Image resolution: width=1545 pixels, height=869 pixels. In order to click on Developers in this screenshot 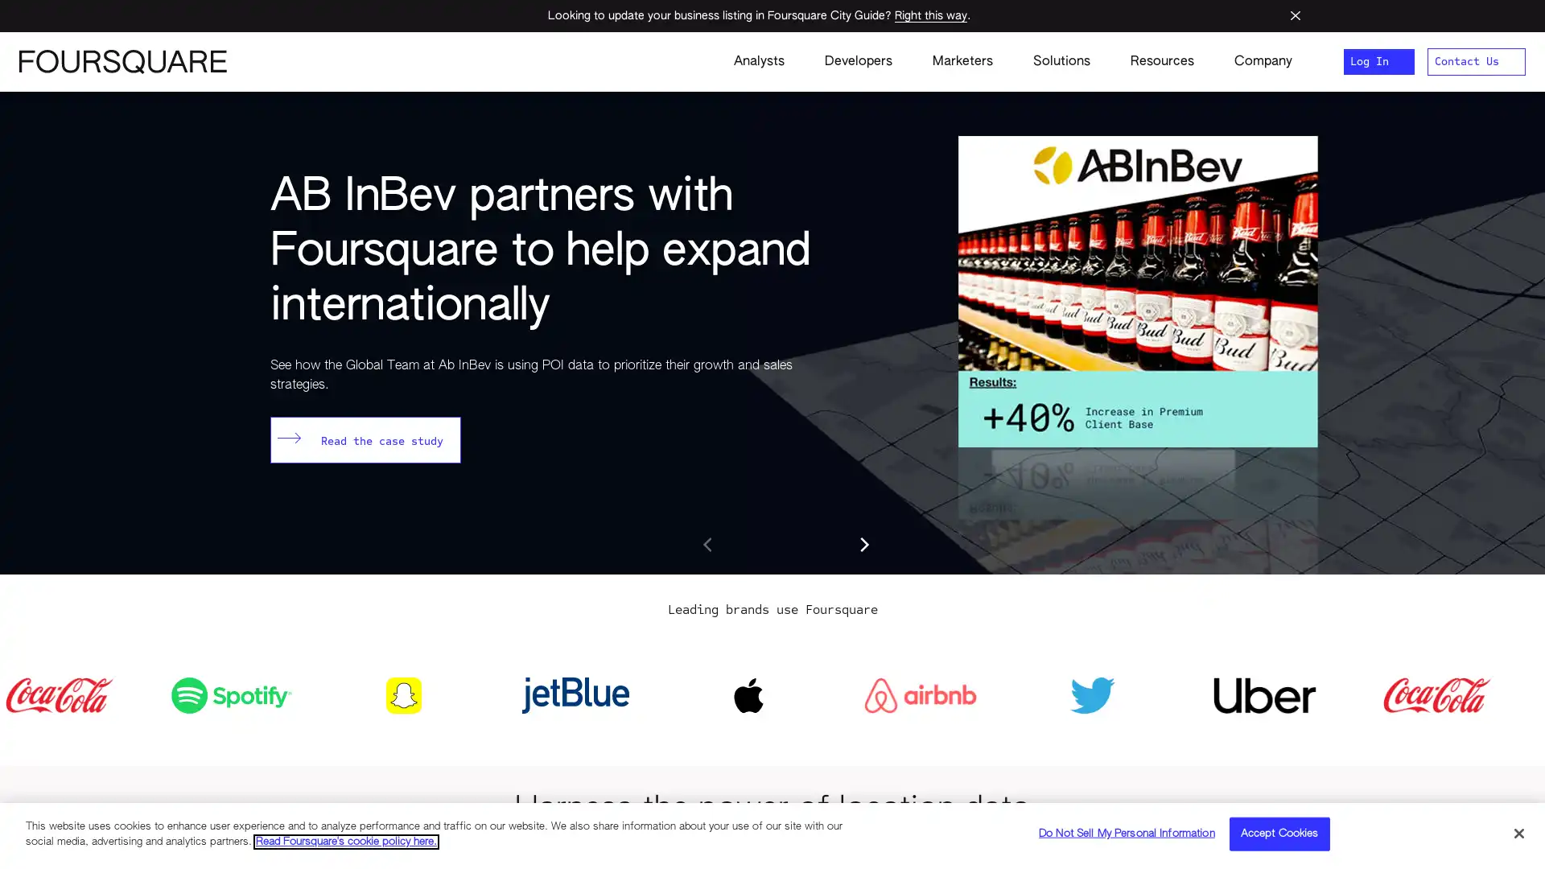, I will do `click(857, 61)`.